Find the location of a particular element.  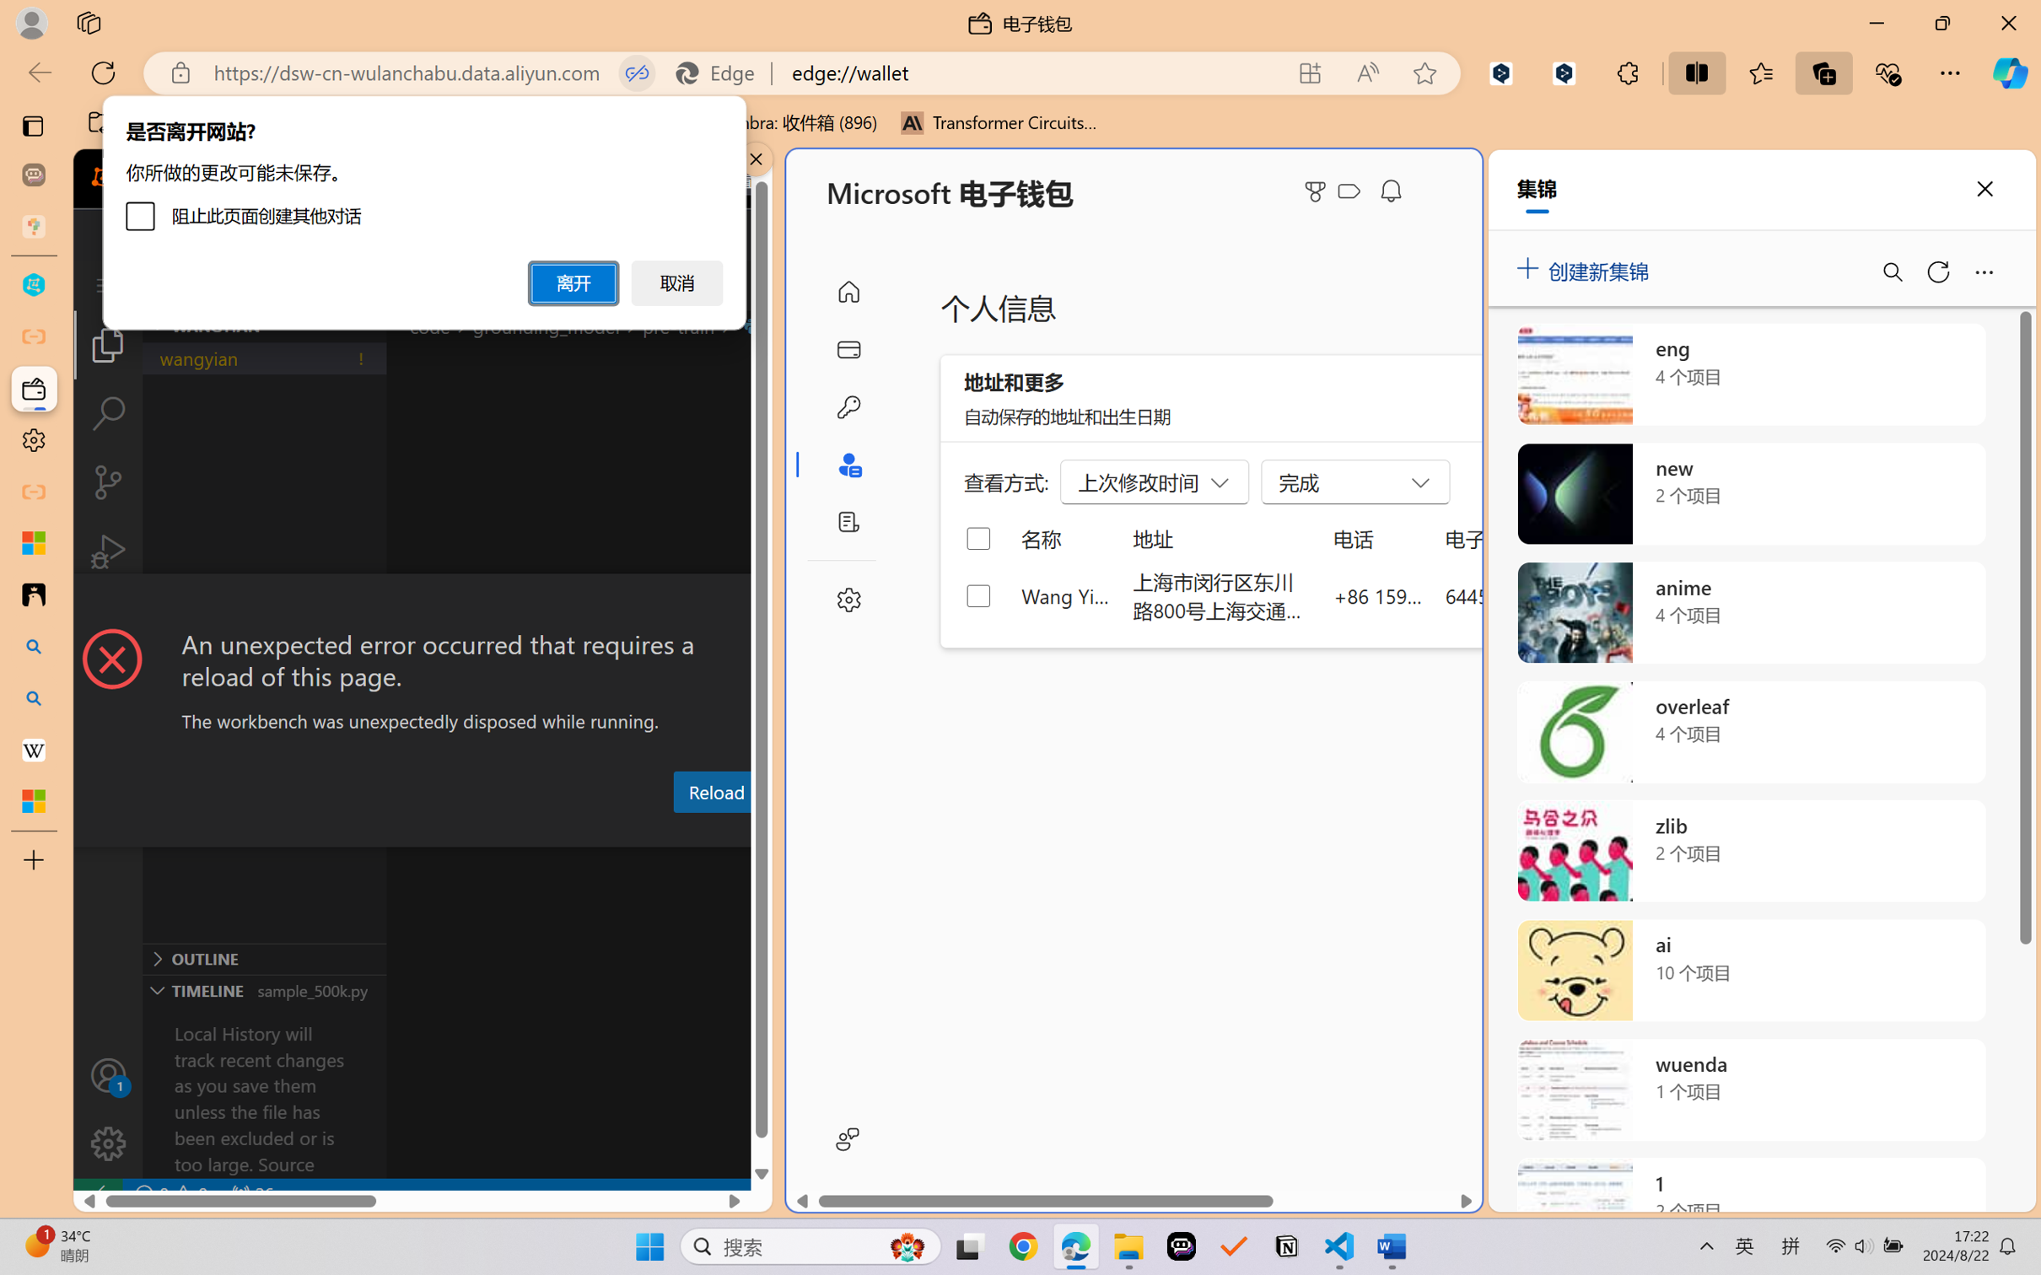

'No Problems' is located at coordinates (169, 1193).